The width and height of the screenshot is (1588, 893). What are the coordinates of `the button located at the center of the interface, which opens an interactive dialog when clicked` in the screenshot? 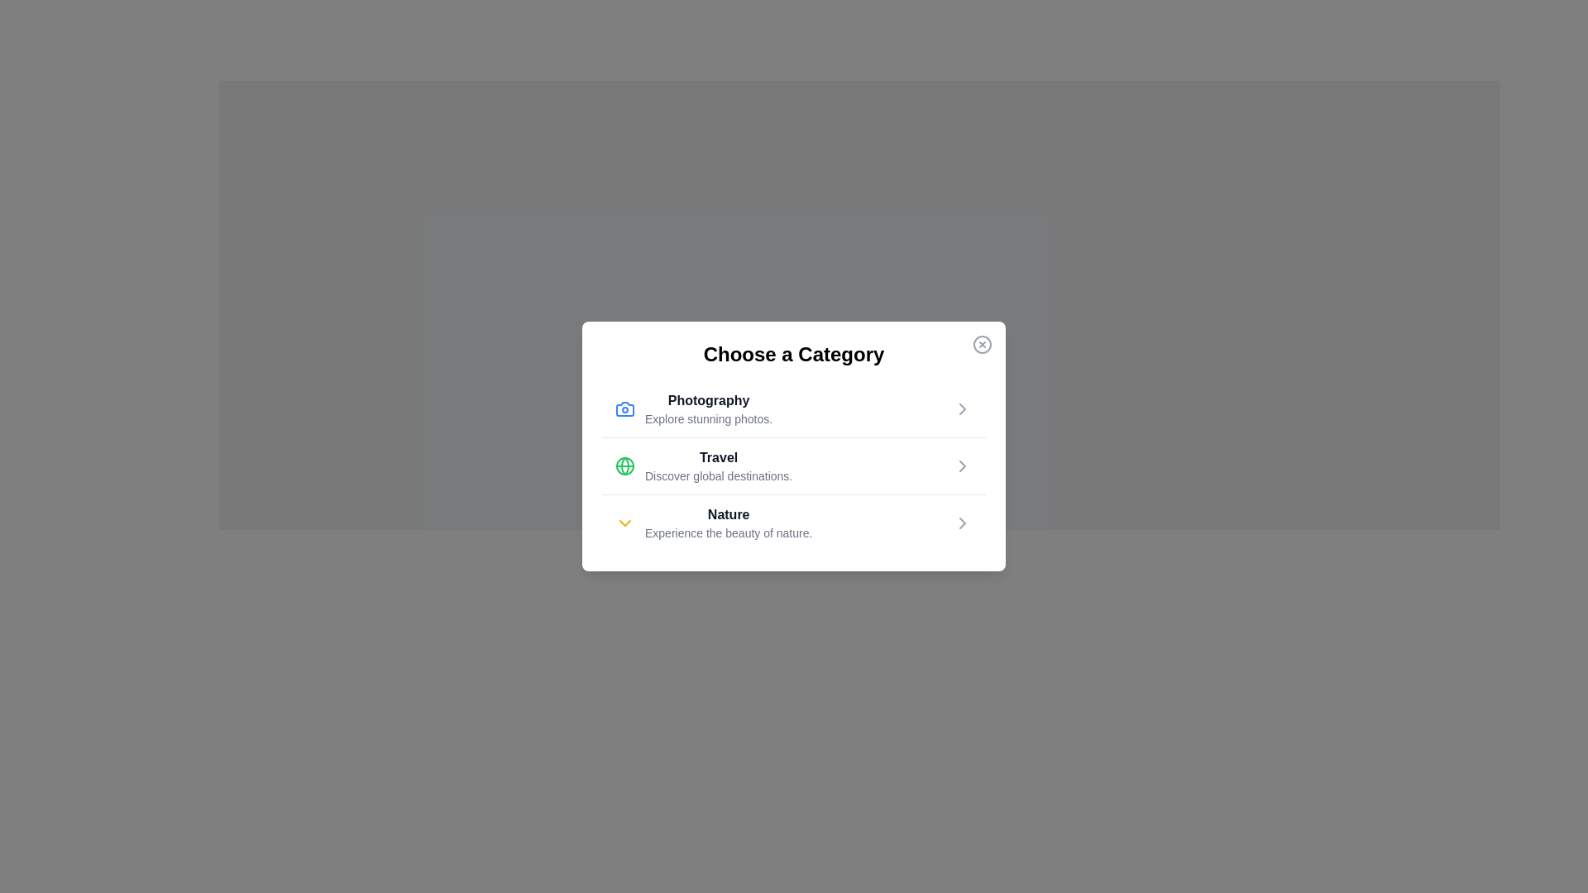 It's located at (859, 527).